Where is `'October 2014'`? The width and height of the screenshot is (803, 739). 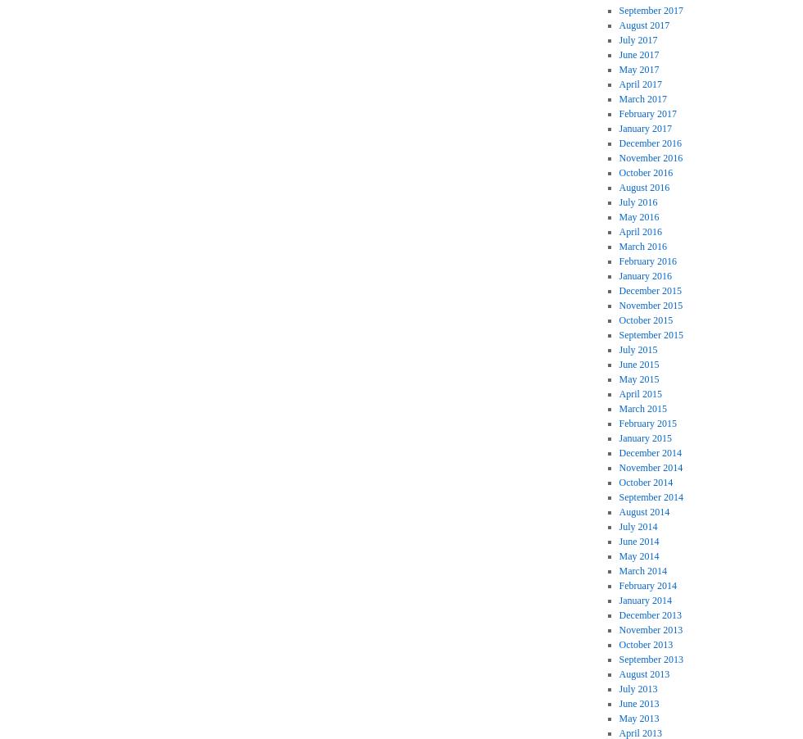 'October 2014' is located at coordinates (618, 482).